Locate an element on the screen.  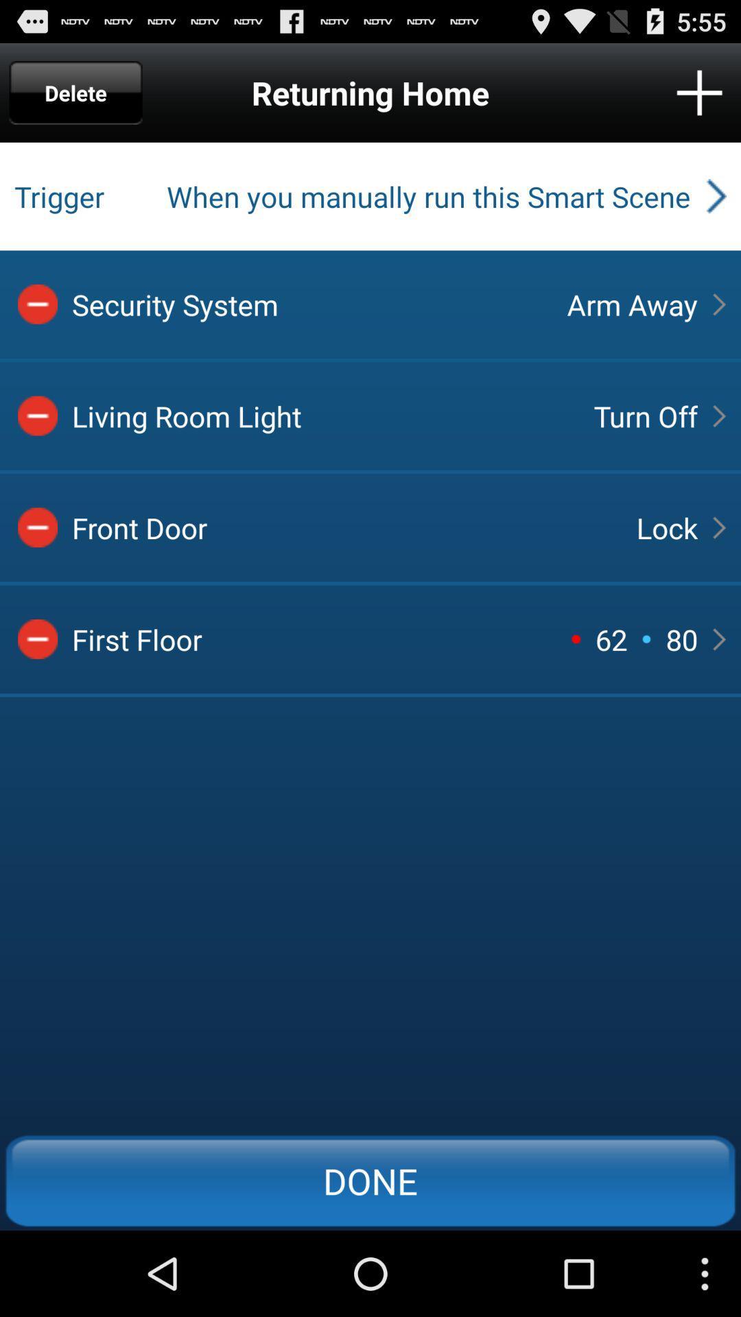
app above 80 app is located at coordinates (666, 527).